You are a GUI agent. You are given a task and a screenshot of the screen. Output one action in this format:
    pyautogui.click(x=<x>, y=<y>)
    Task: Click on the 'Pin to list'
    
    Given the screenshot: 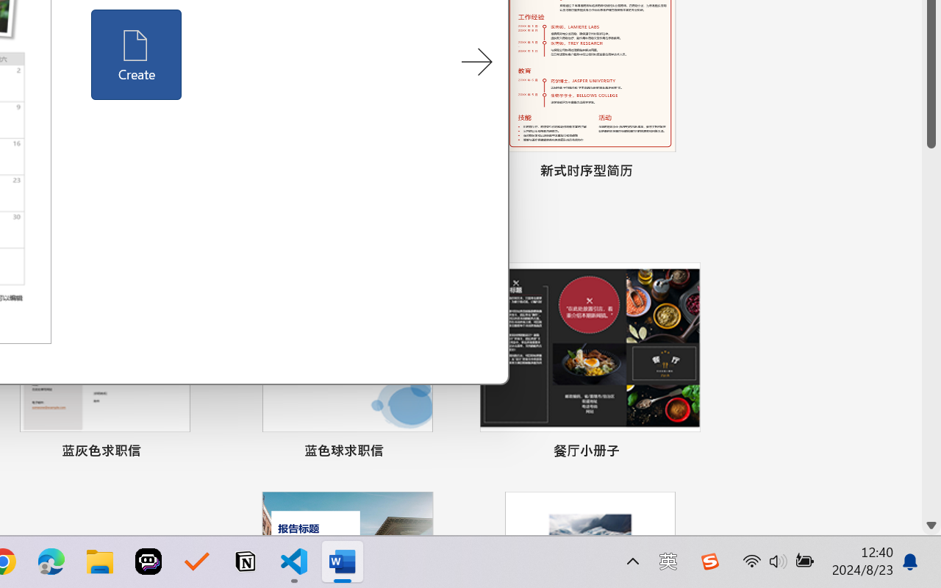 What is the action you would take?
    pyautogui.click(x=686, y=453)
    